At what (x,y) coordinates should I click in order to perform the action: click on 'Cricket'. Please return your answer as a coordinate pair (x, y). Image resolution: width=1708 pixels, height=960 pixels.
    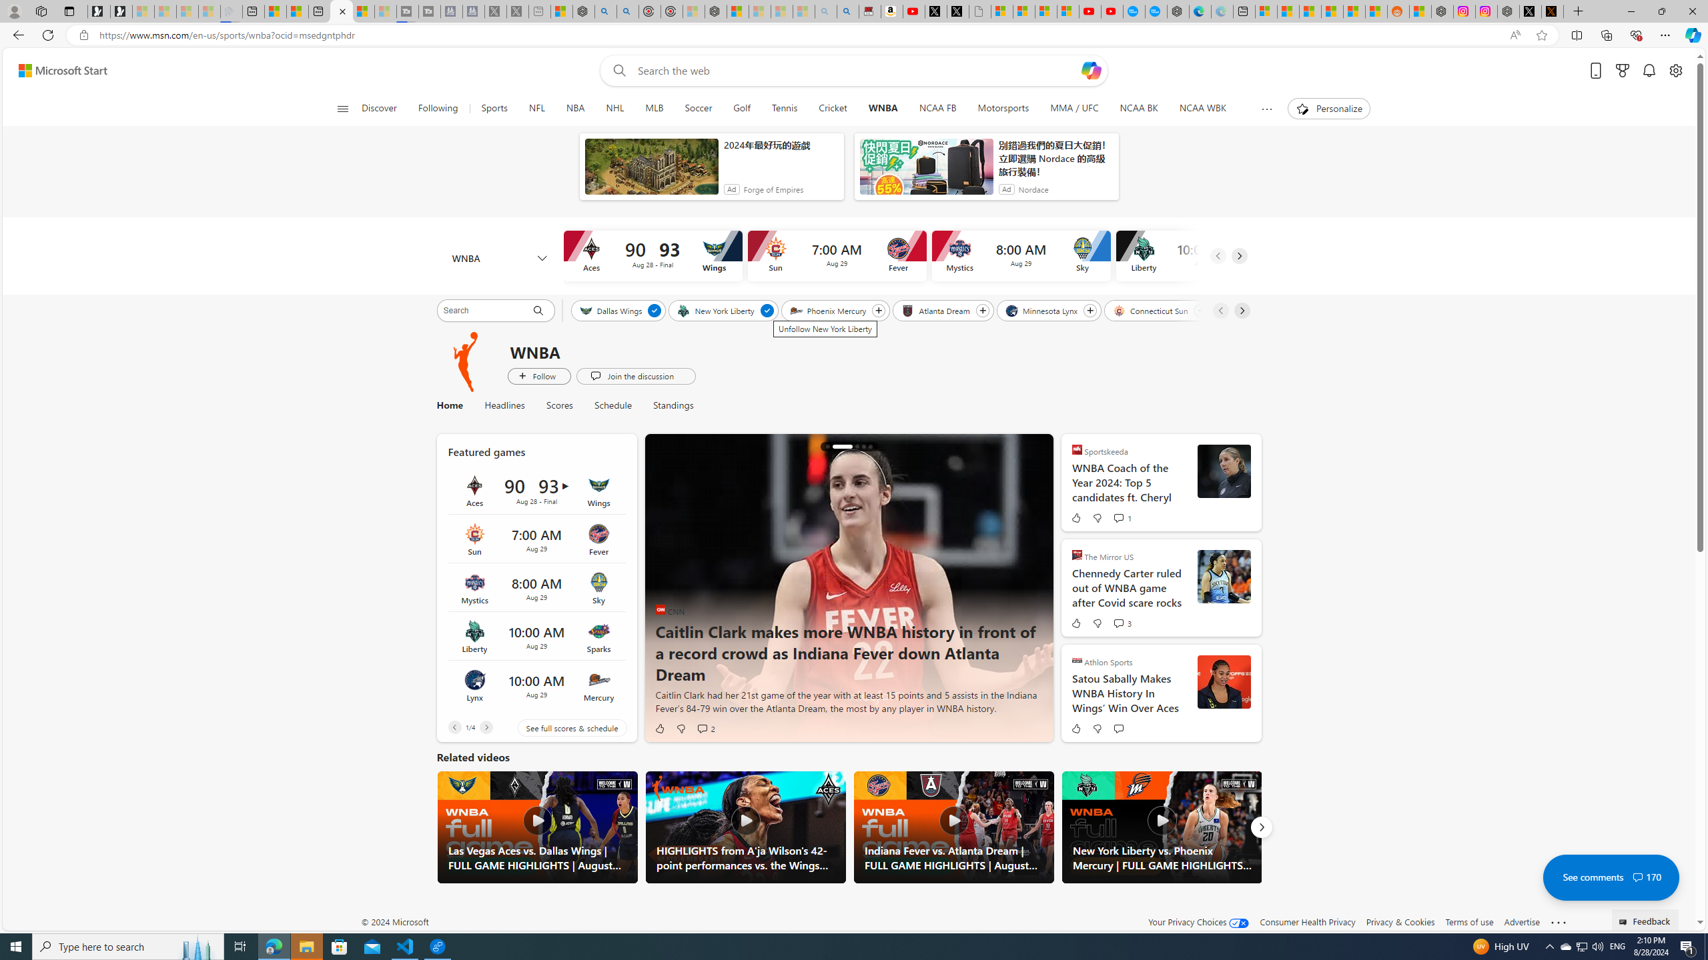
    Looking at the image, I should click on (832, 108).